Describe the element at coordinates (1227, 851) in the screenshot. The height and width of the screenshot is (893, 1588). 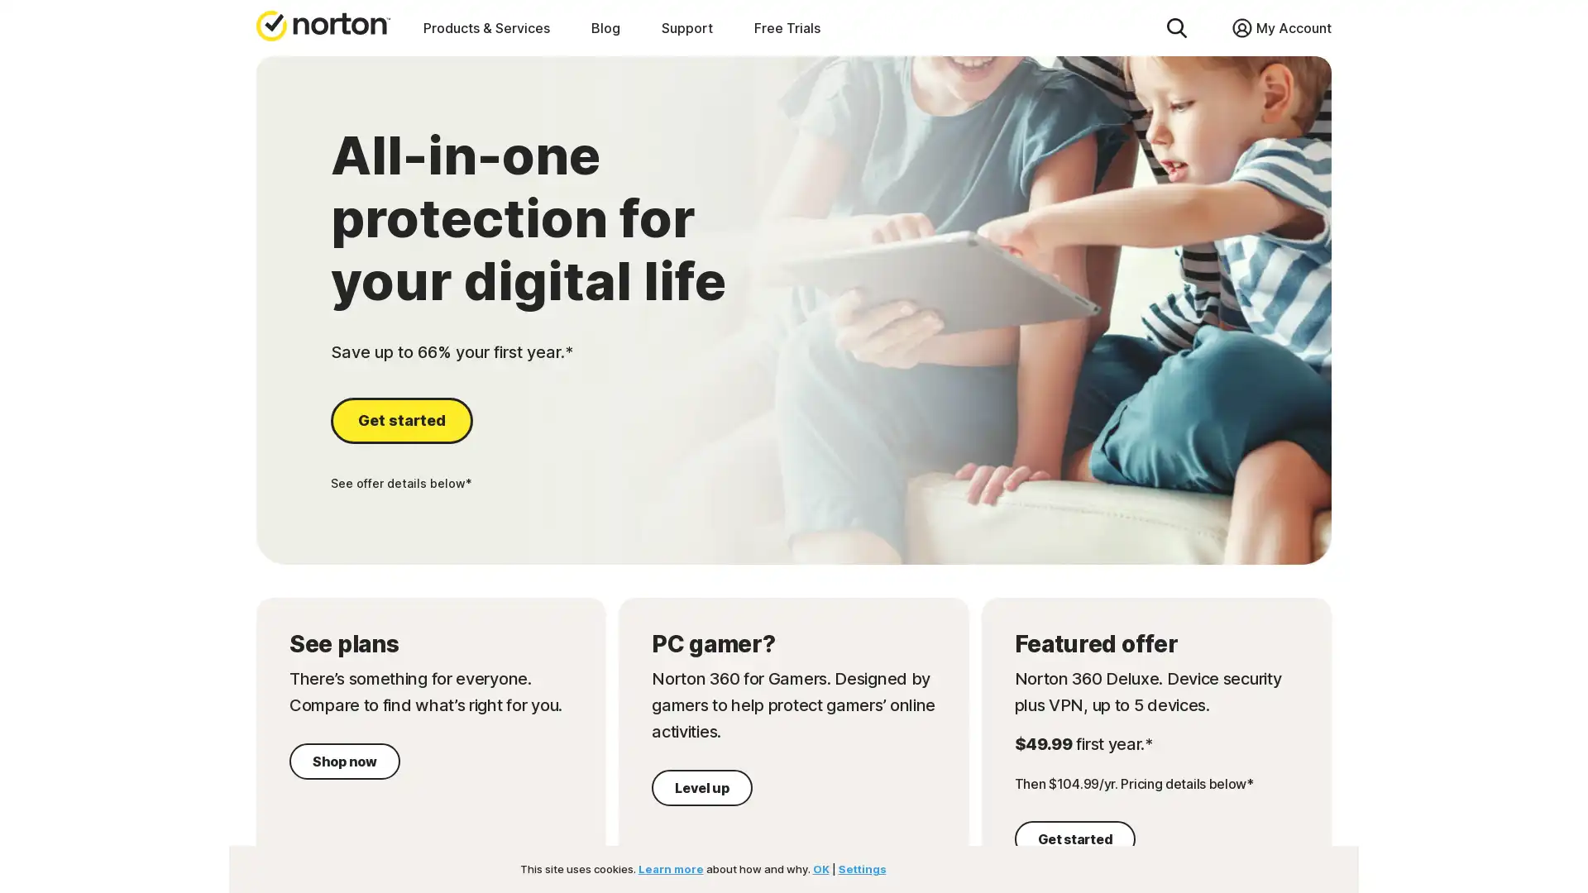
I see `Close consent Widget` at that location.